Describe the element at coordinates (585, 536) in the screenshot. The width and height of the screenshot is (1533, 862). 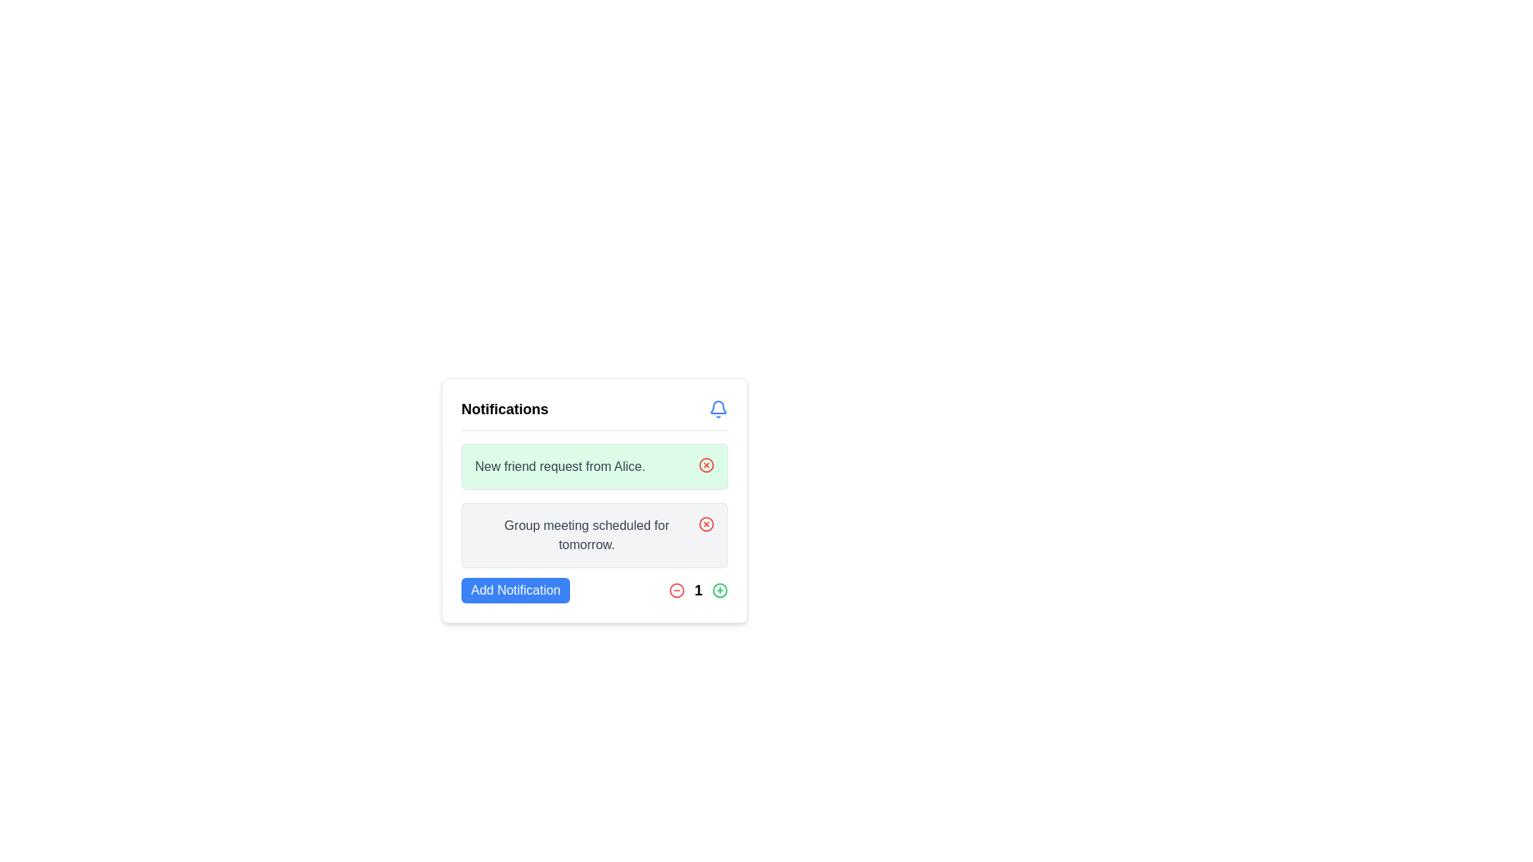
I see `text element that conveys the content of a notification about an upcoming group meeting, located in the second row of notifications, below the first notification and above the 'Add Notification' button` at that location.